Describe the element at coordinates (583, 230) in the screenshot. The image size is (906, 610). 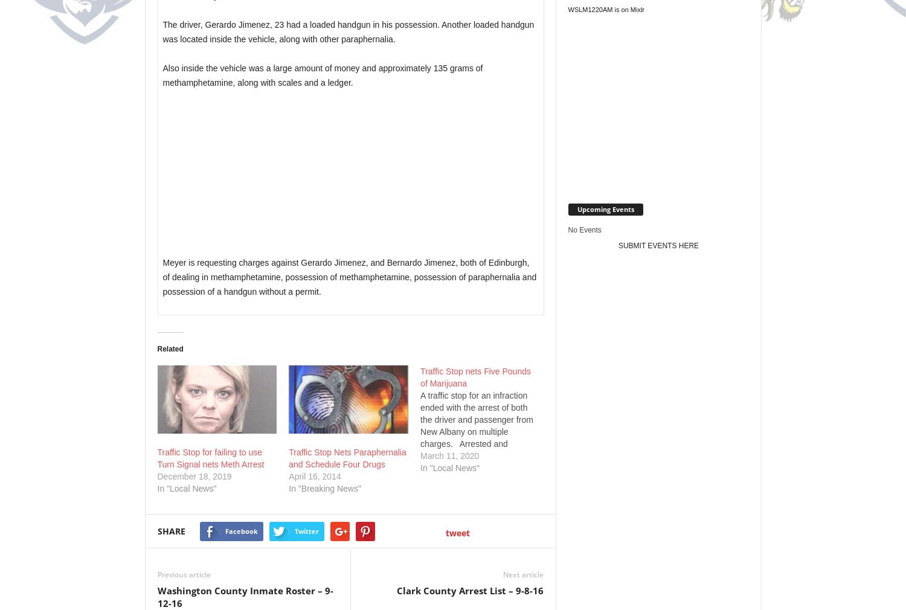
I see `'No Events'` at that location.